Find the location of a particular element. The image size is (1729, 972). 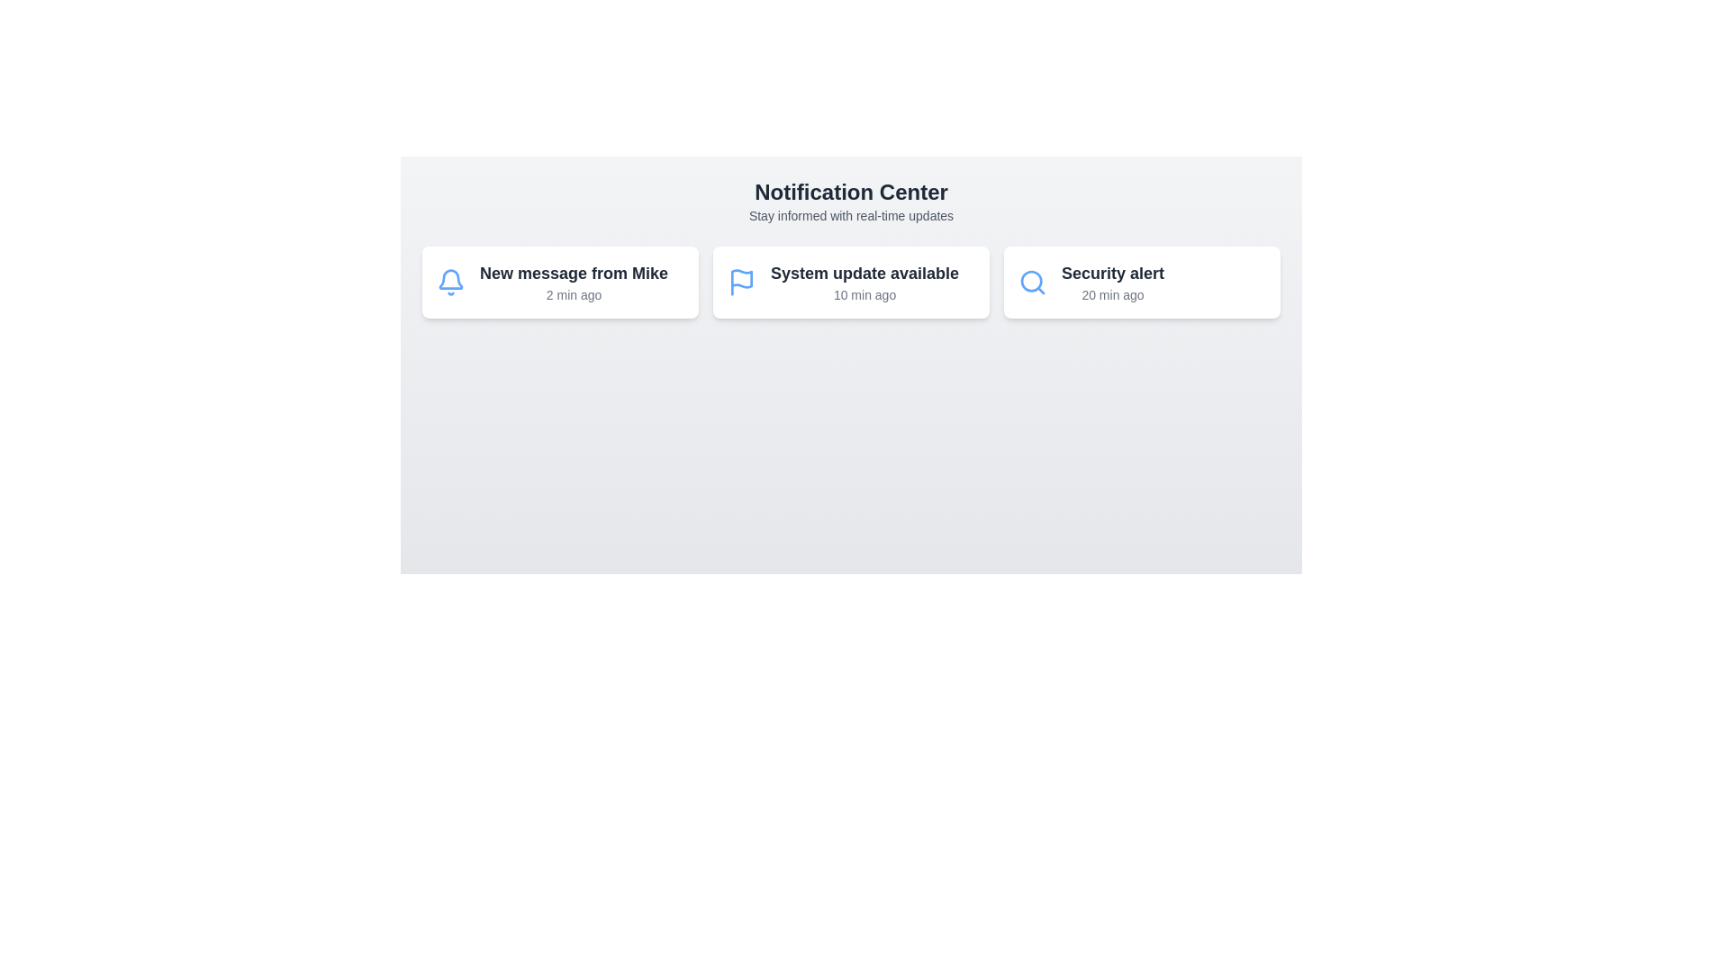

the text label displaying '20 min ago', which is located beneath the 'Security alert' text in the third notification card from the left is located at coordinates (1112, 293).